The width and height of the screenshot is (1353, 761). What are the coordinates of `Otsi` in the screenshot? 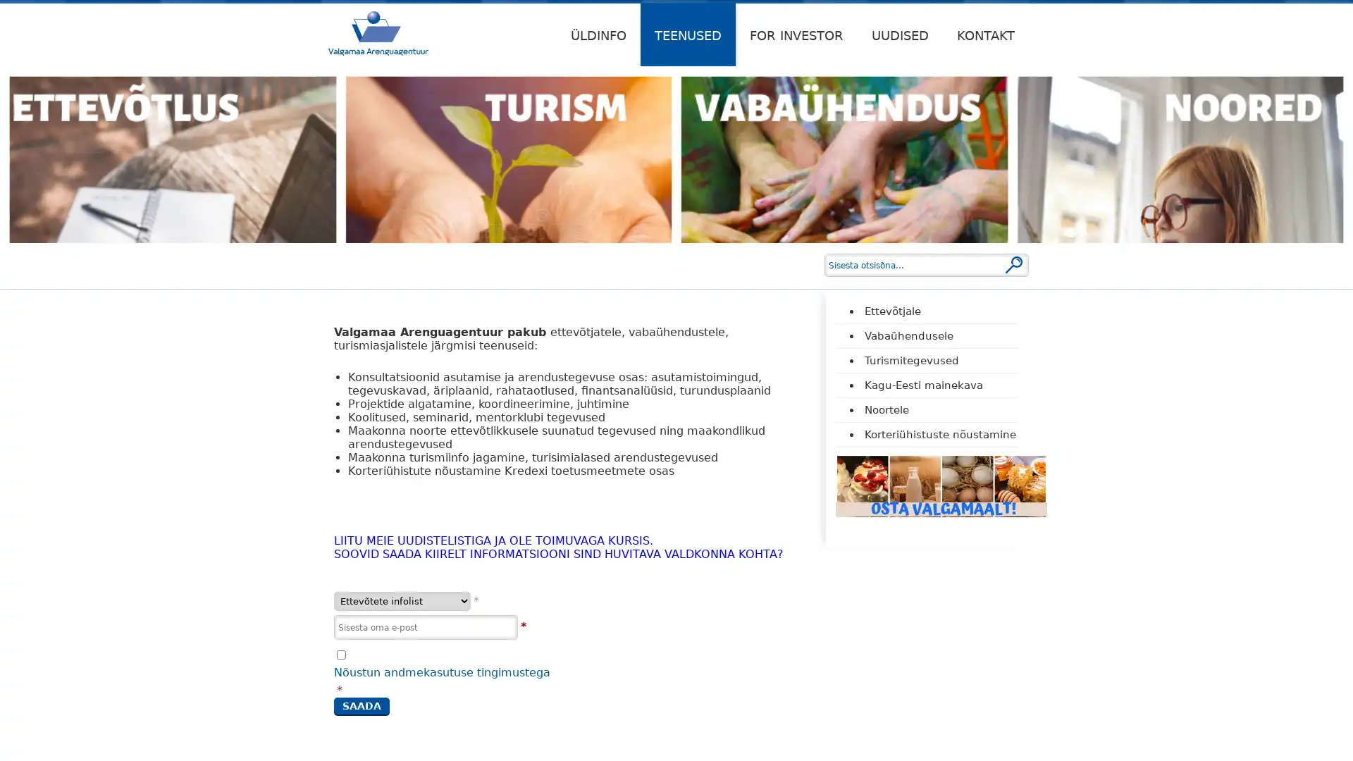 It's located at (1013, 264).